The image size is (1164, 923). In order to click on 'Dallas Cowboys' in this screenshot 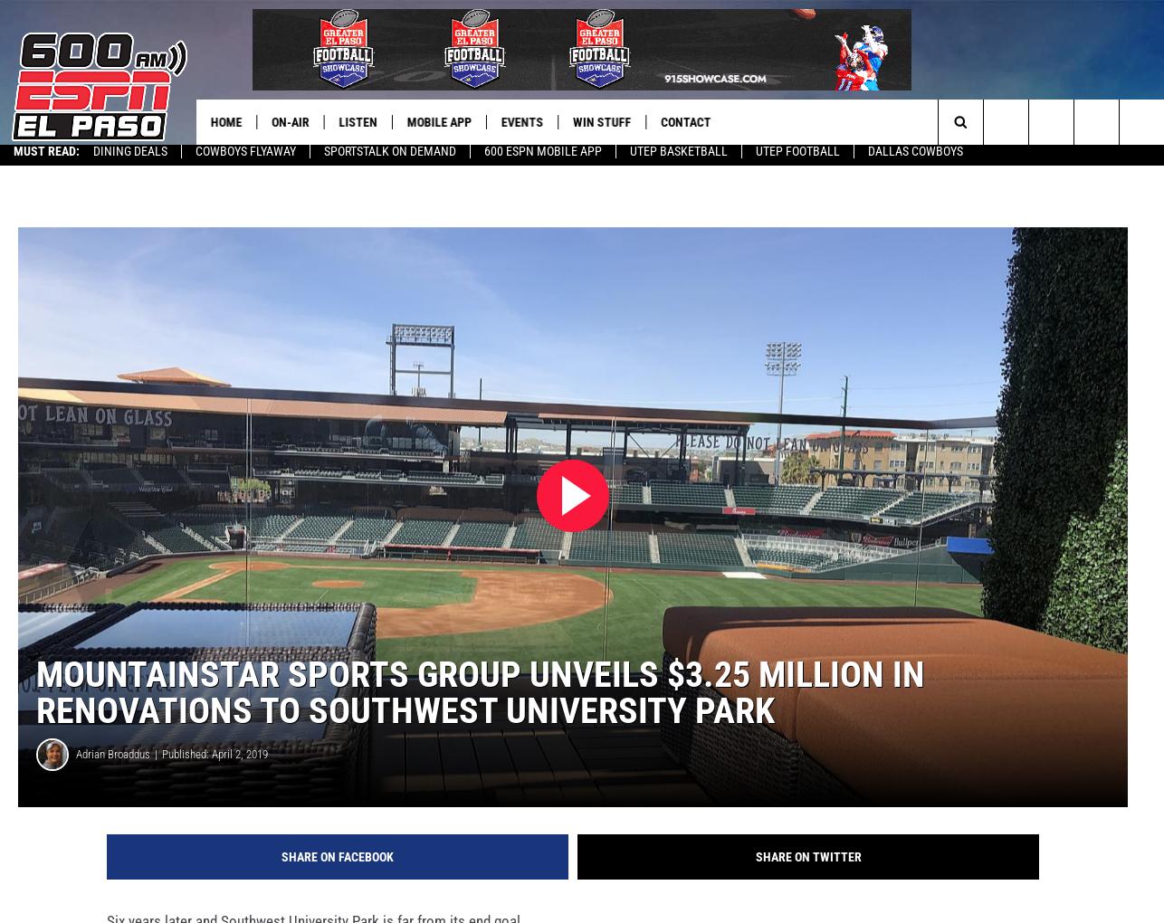, I will do `click(914, 157)`.